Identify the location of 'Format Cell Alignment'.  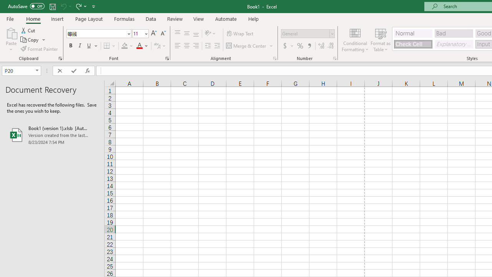
(274, 58).